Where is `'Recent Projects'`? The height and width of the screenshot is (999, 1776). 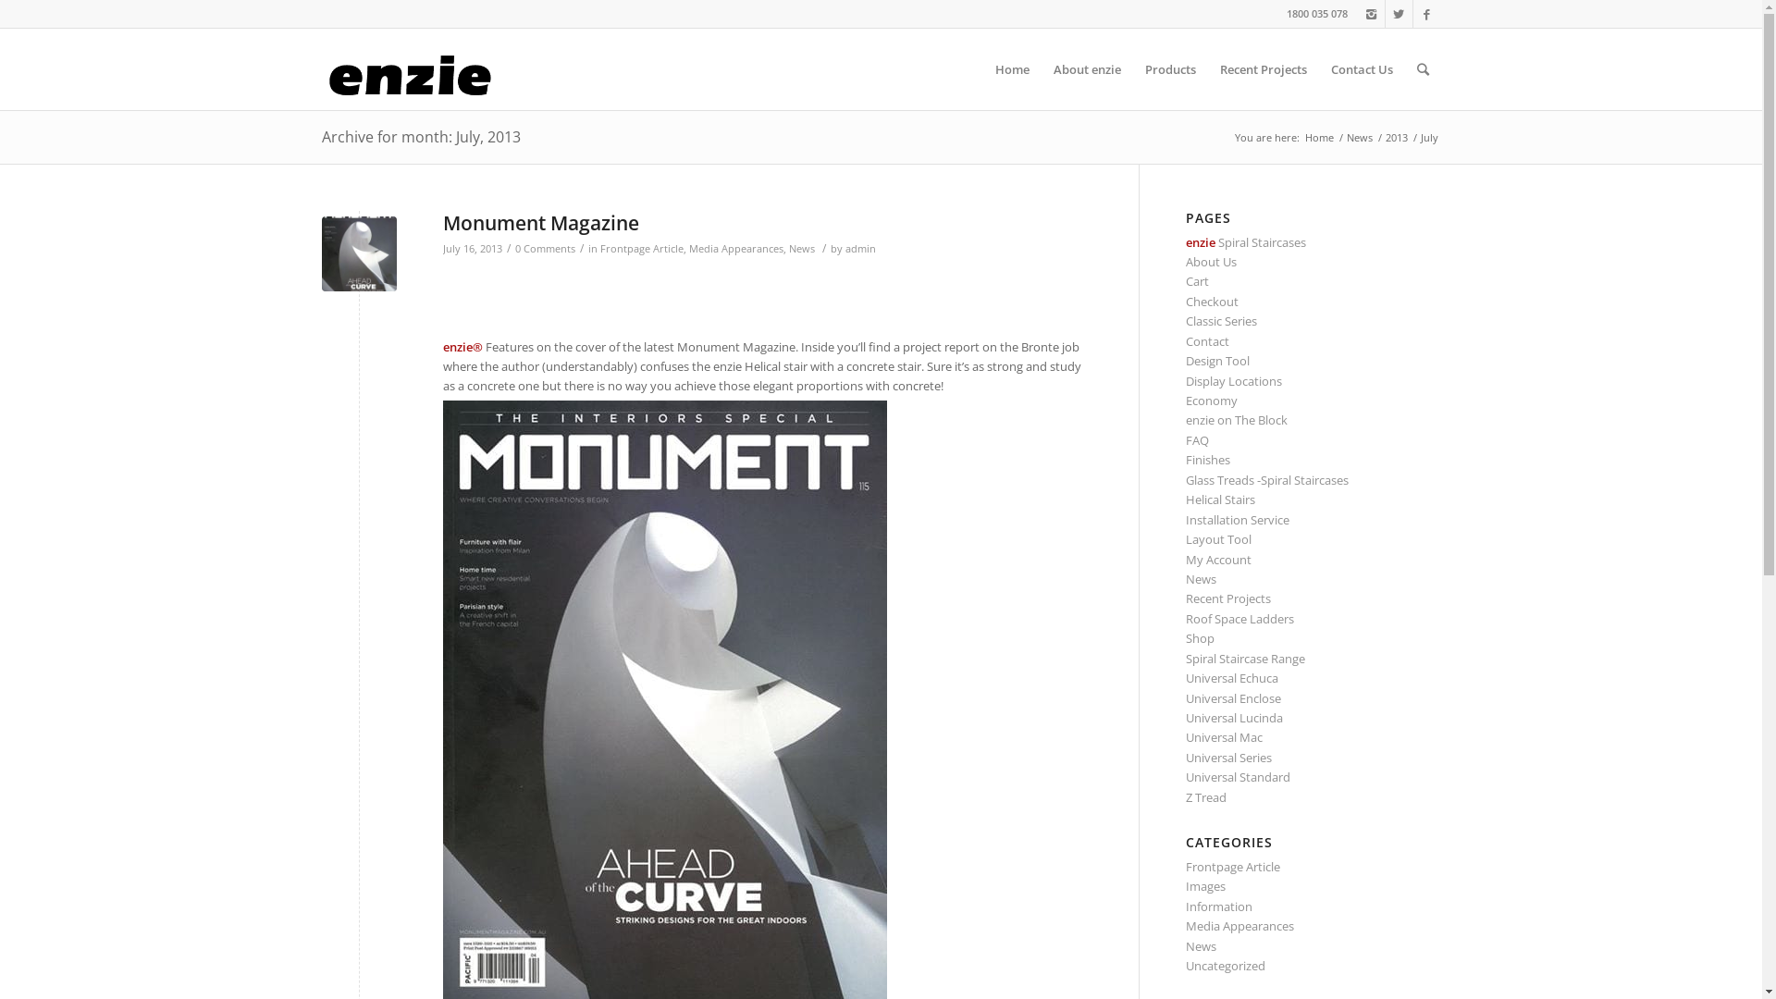
'Recent Projects' is located at coordinates (1228, 598).